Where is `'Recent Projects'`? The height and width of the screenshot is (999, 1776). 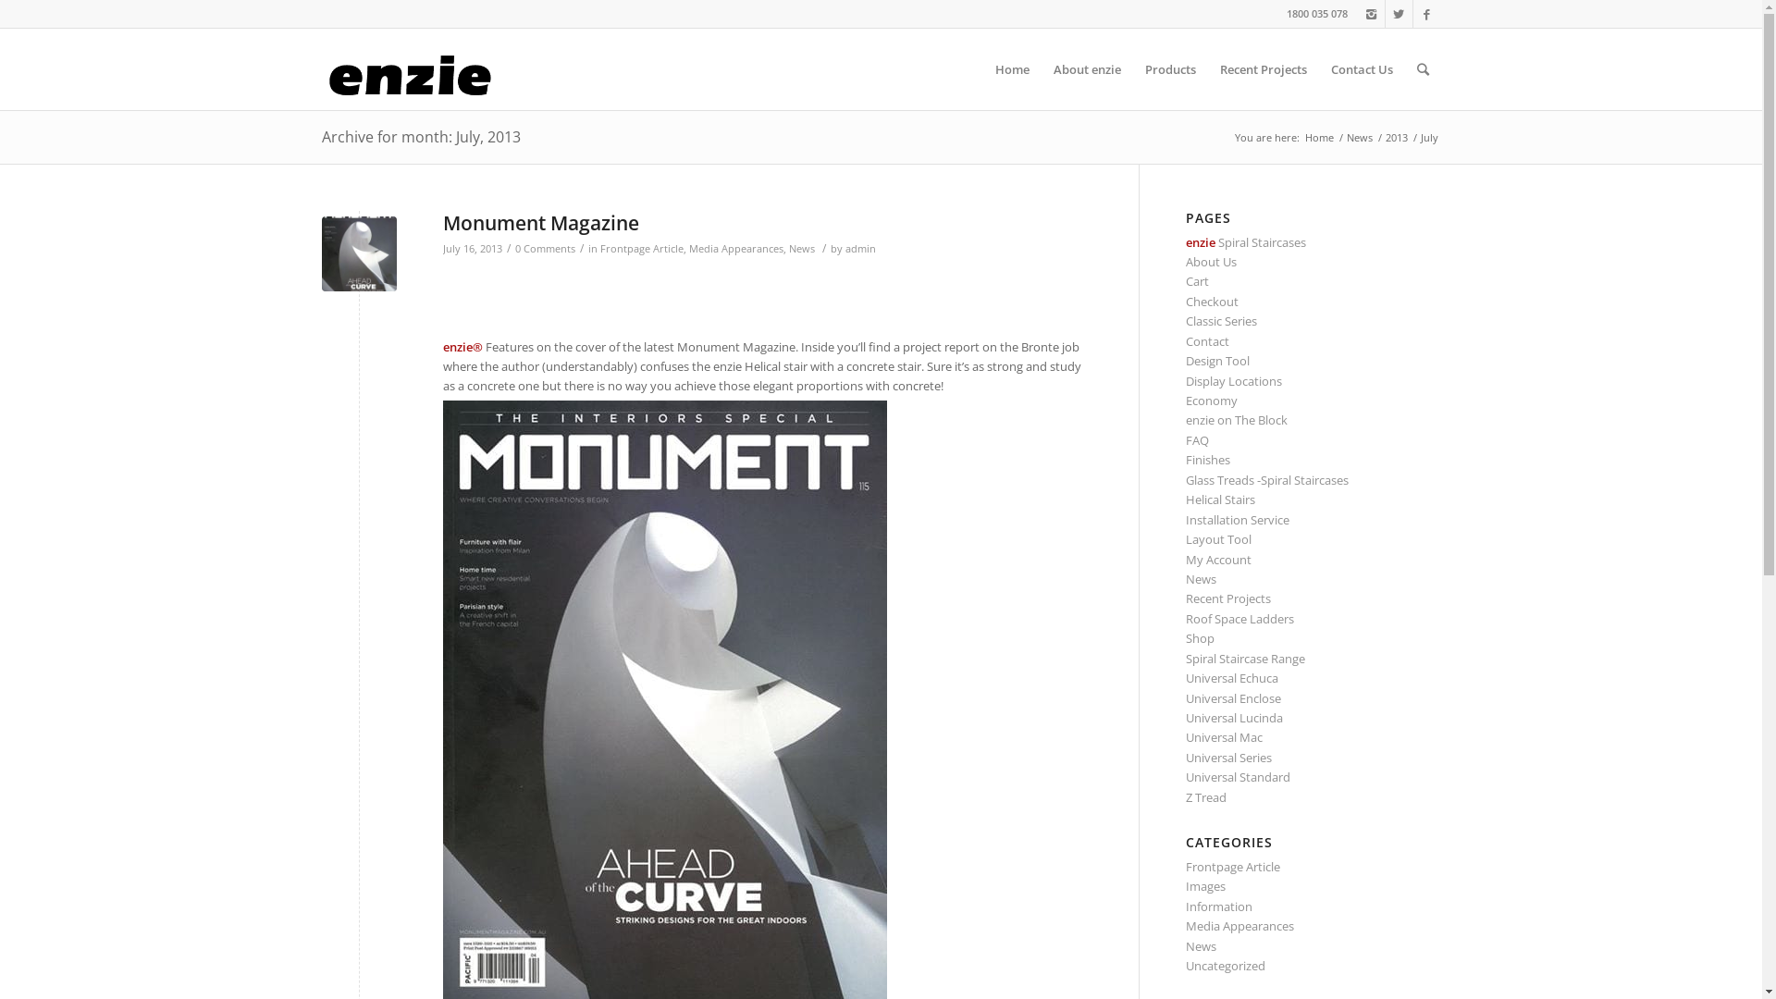
'Recent Projects' is located at coordinates (1228, 598).